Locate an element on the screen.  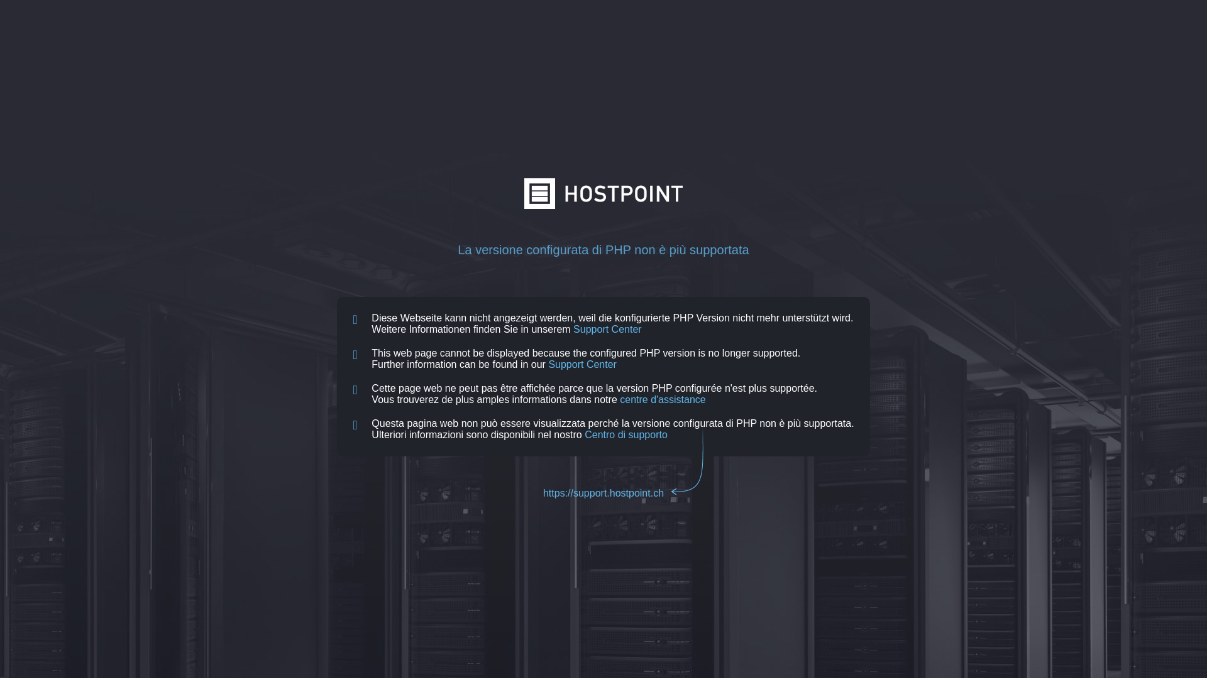
'https://support.hostpoint.ch' is located at coordinates (603, 492).